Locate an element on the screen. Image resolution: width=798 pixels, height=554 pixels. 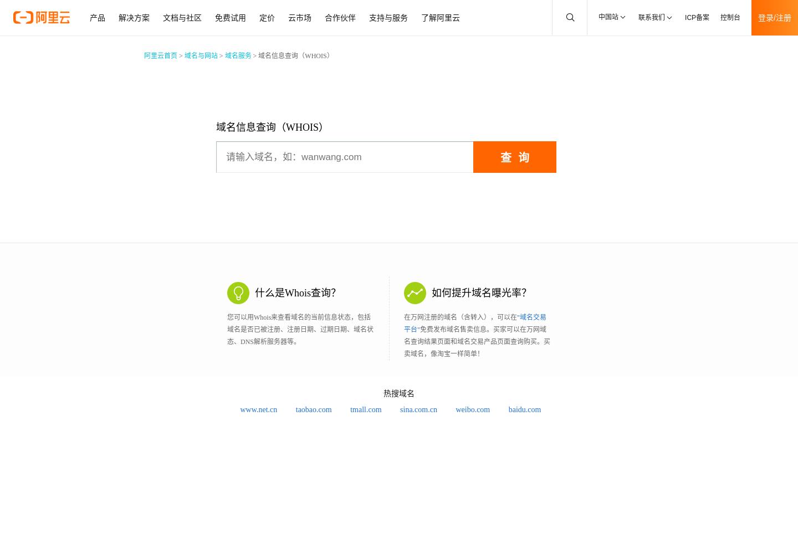
'sina.com.cn' is located at coordinates (400, 409).